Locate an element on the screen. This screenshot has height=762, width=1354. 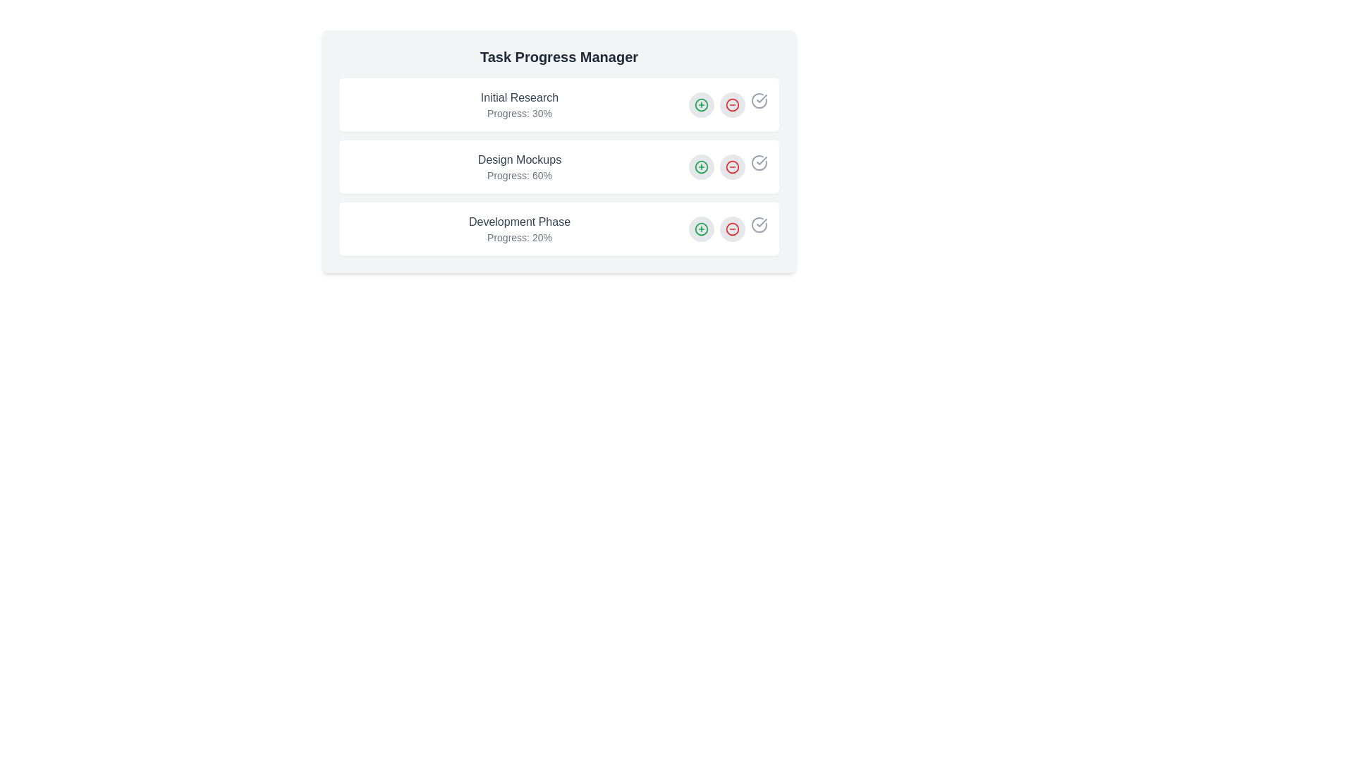
the circular button with an icon inside that represents a negative action, located to the right of the green circular button with a plus icon and to the left of the gray circular button with a checkmark is located at coordinates (732, 104).